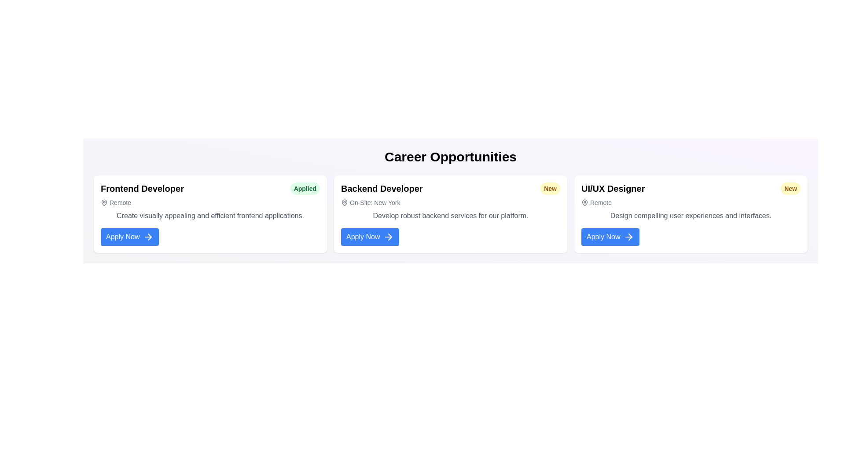 Image resolution: width=845 pixels, height=475 pixels. Describe the element at coordinates (690, 216) in the screenshot. I see `text content of the label that says 'Design compelling user experiences and interfaces.' located in the 'UI/UX Designer' job card, positioned below the job title and above the 'Apply Now' button` at that location.